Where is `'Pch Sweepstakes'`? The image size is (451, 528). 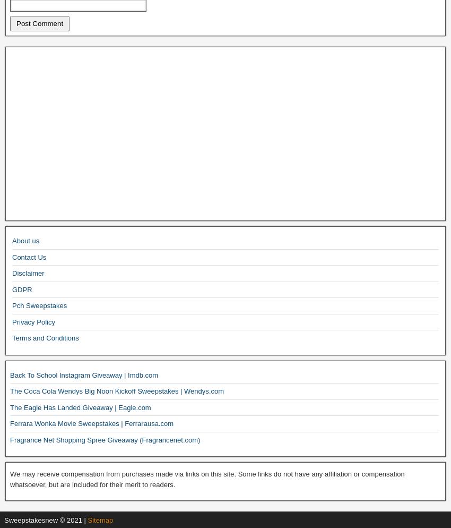
'Pch Sweepstakes' is located at coordinates (39, 305).